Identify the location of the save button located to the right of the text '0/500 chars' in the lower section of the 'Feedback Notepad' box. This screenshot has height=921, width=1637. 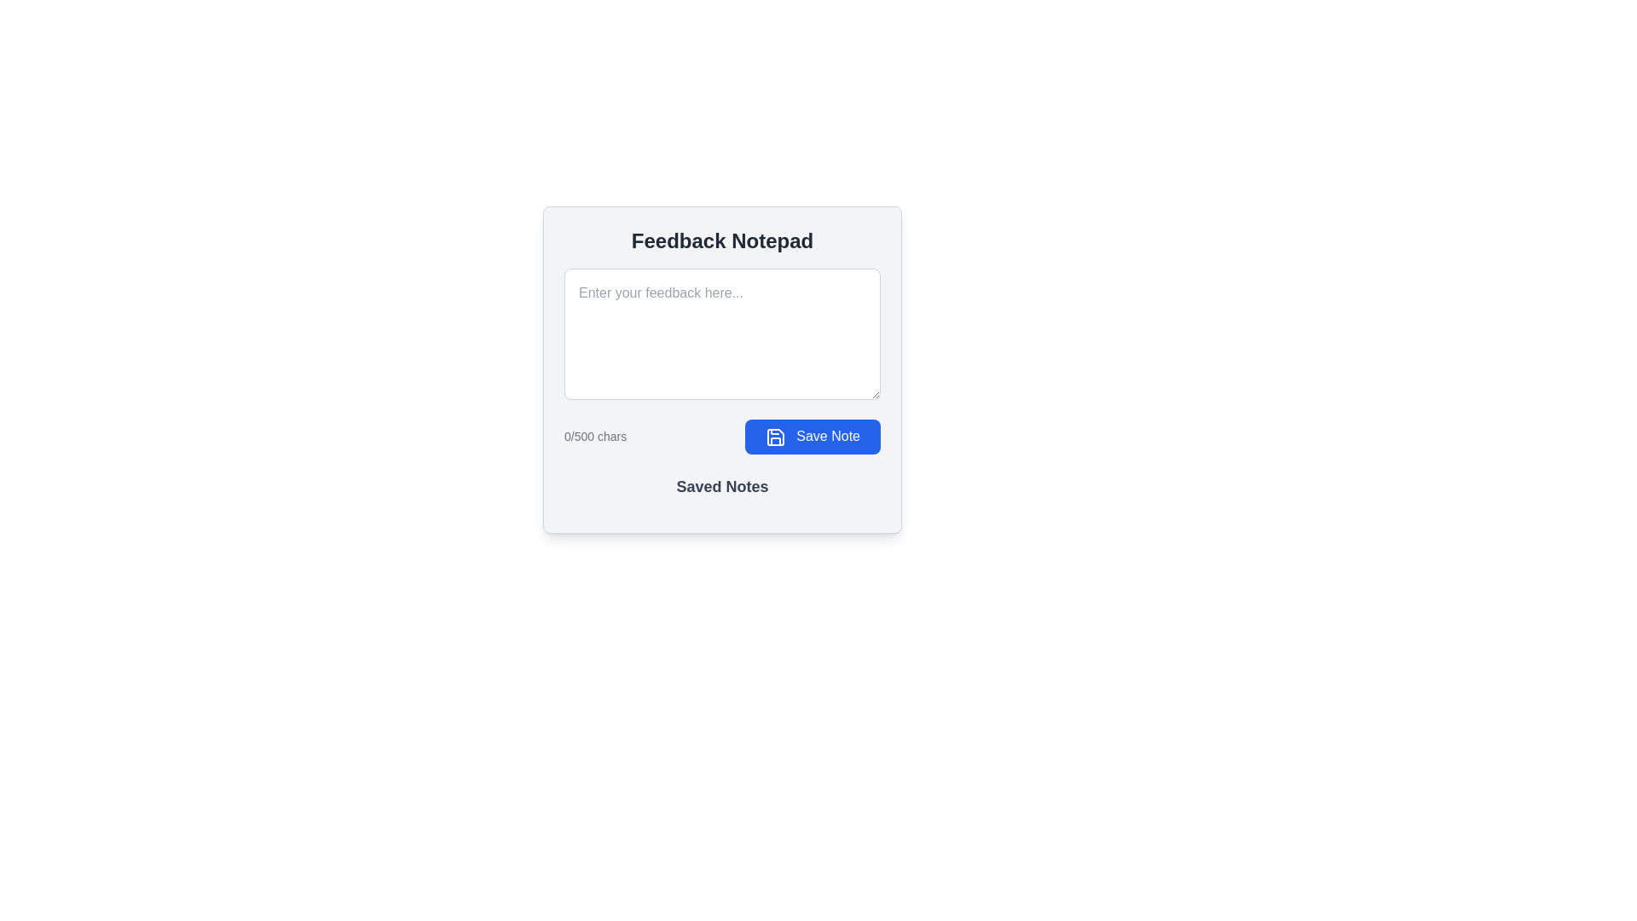
(812, 436).